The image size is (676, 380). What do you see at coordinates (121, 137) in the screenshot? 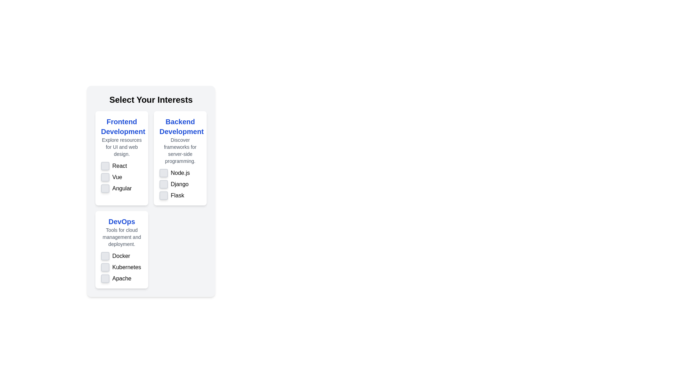
I see `the text block that contains 'Frontend Development' in bold blue font and 'Explore resources for UI and web design.' in smaller gray font, positioned above the list of items labeled 'React', 'Vue', and 'Angular'` at bounding box center [121, 137].